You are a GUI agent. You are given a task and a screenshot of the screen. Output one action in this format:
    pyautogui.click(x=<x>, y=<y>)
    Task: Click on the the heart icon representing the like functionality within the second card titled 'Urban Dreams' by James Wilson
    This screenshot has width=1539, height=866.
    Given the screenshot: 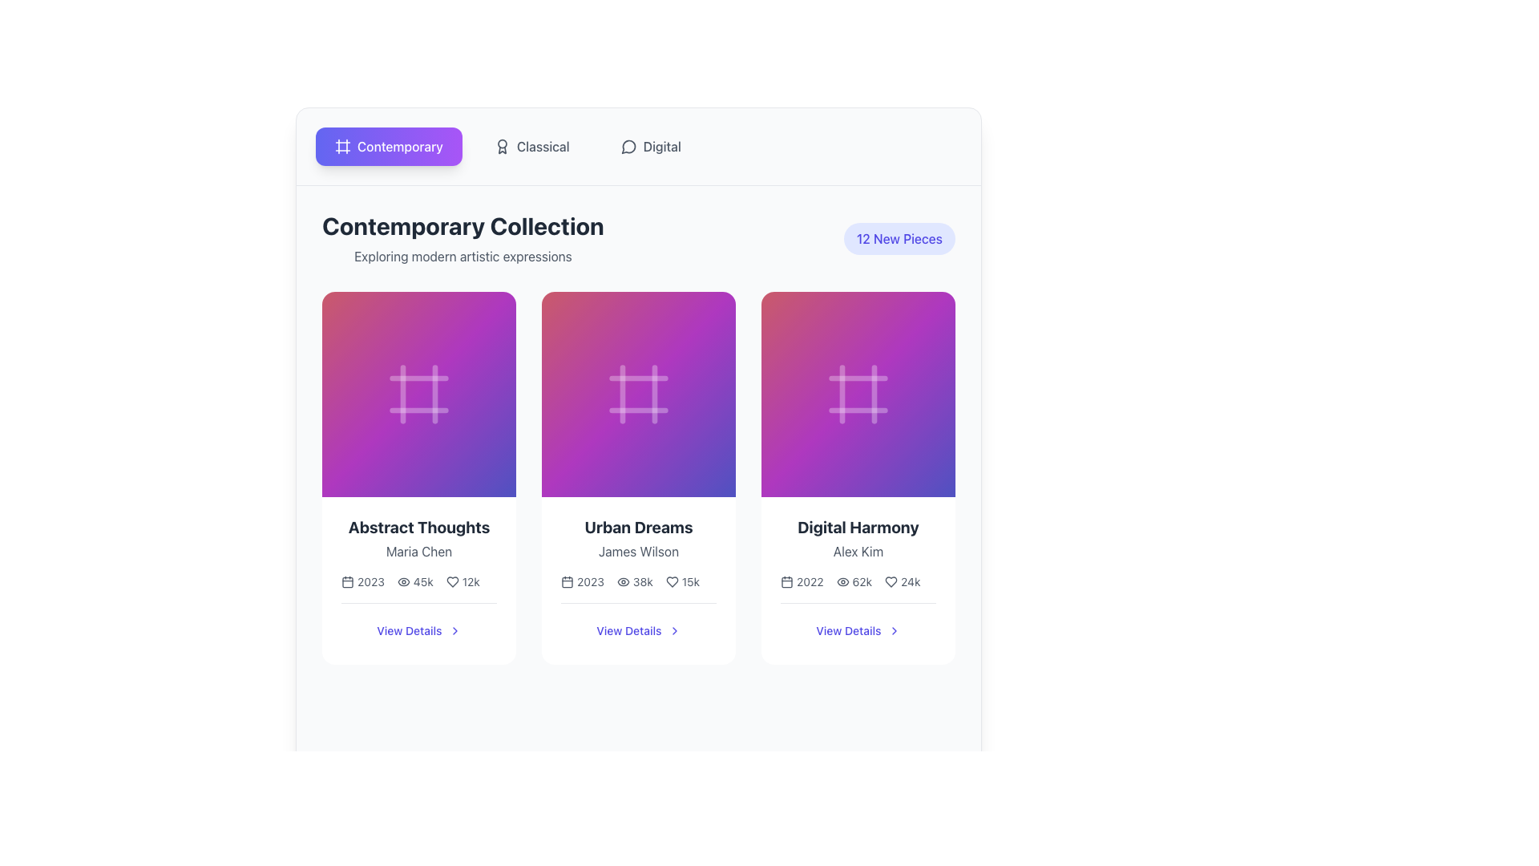 What is the action you would take?
    pyautogui.click(x=672, y=581)
    